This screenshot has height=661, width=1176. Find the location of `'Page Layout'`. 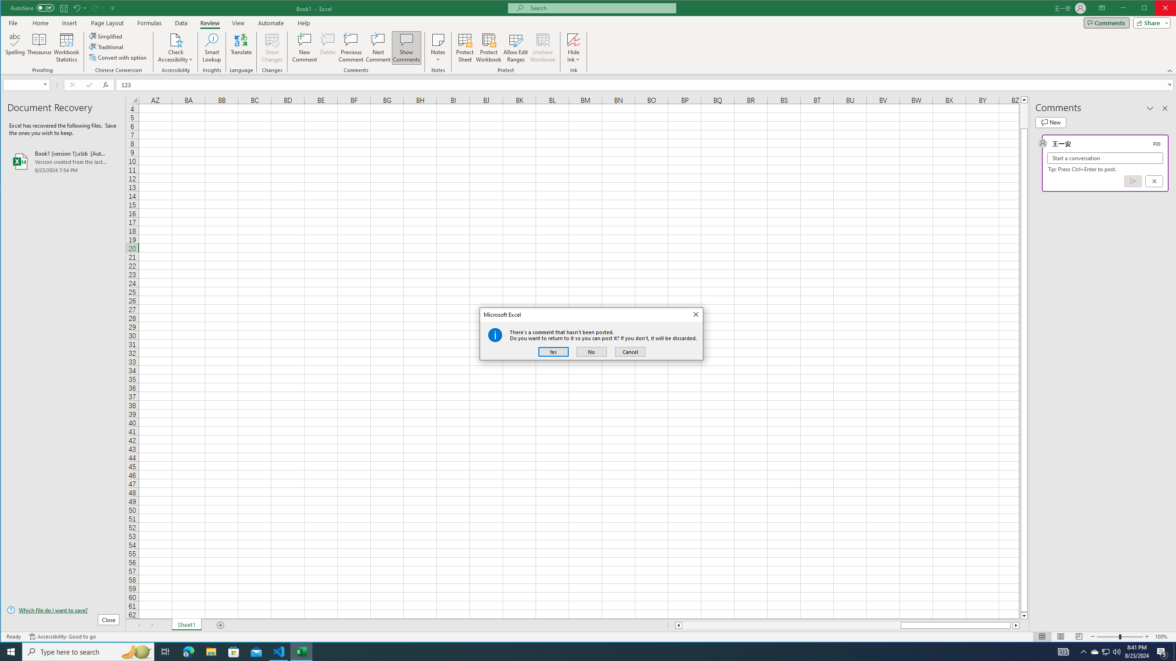

'Page Layout' is located at coordinates (107, 22).